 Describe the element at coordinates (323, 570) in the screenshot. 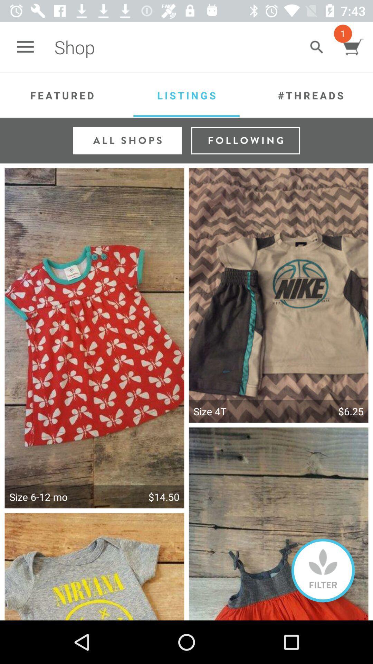

I see `filter button` at that location.